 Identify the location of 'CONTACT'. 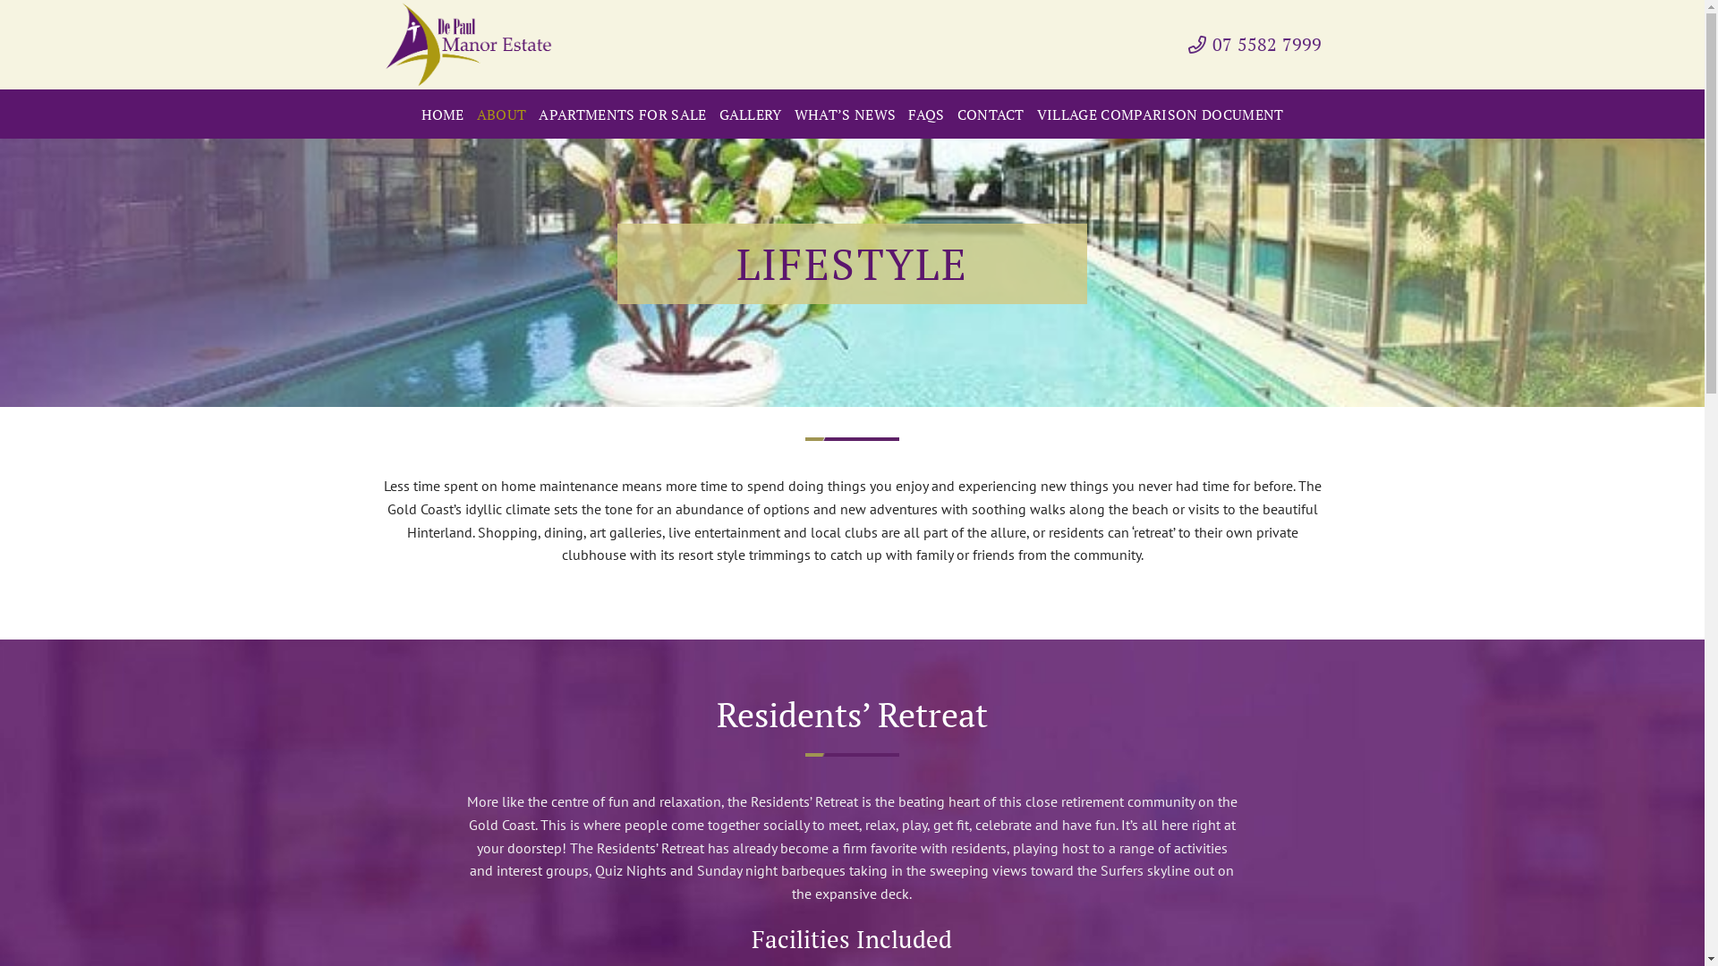
(990, 114).